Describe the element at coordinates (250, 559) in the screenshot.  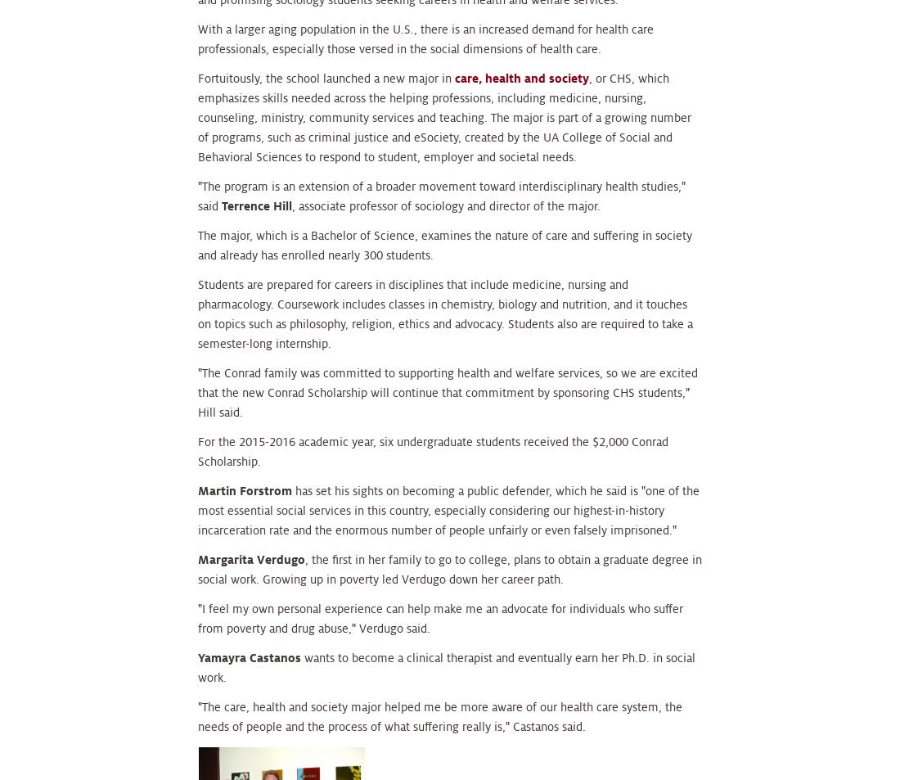
I see `'Margarita Verdugo'` at that location.